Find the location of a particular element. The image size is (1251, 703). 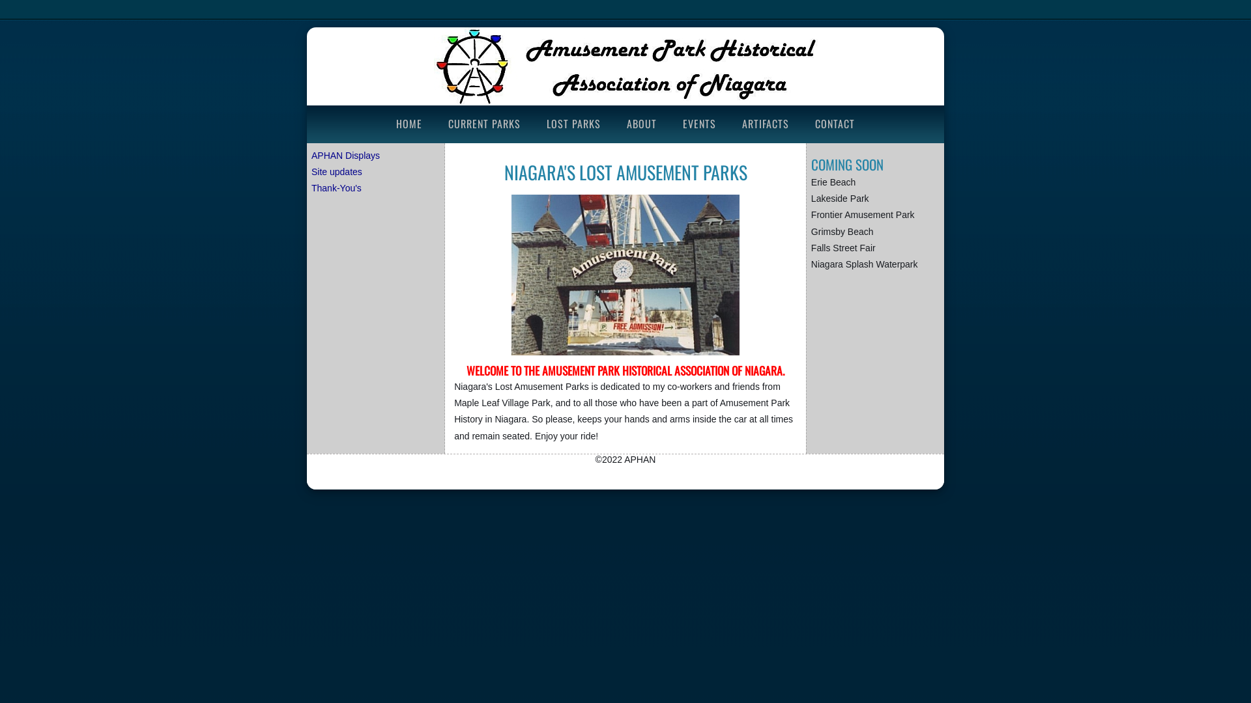

'EVENTS' is located at coordinates (698, 123).